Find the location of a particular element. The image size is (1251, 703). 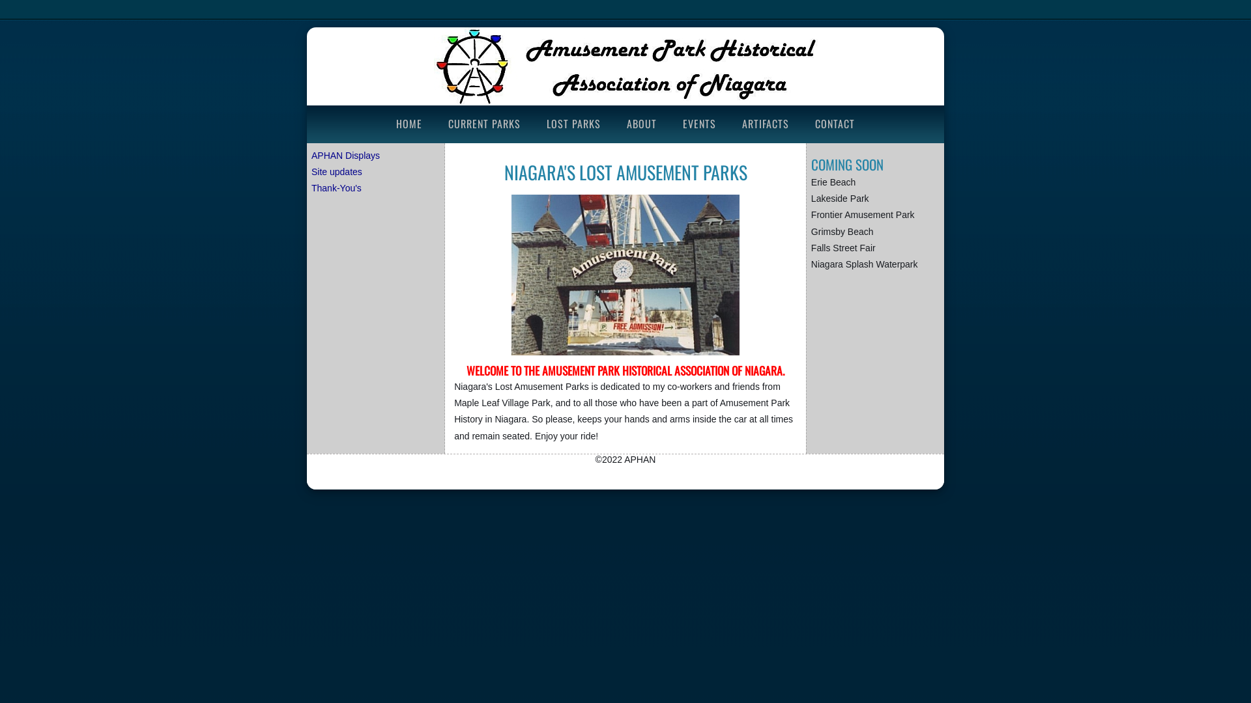

'EVENTS' is located at coordinates (698, 123).